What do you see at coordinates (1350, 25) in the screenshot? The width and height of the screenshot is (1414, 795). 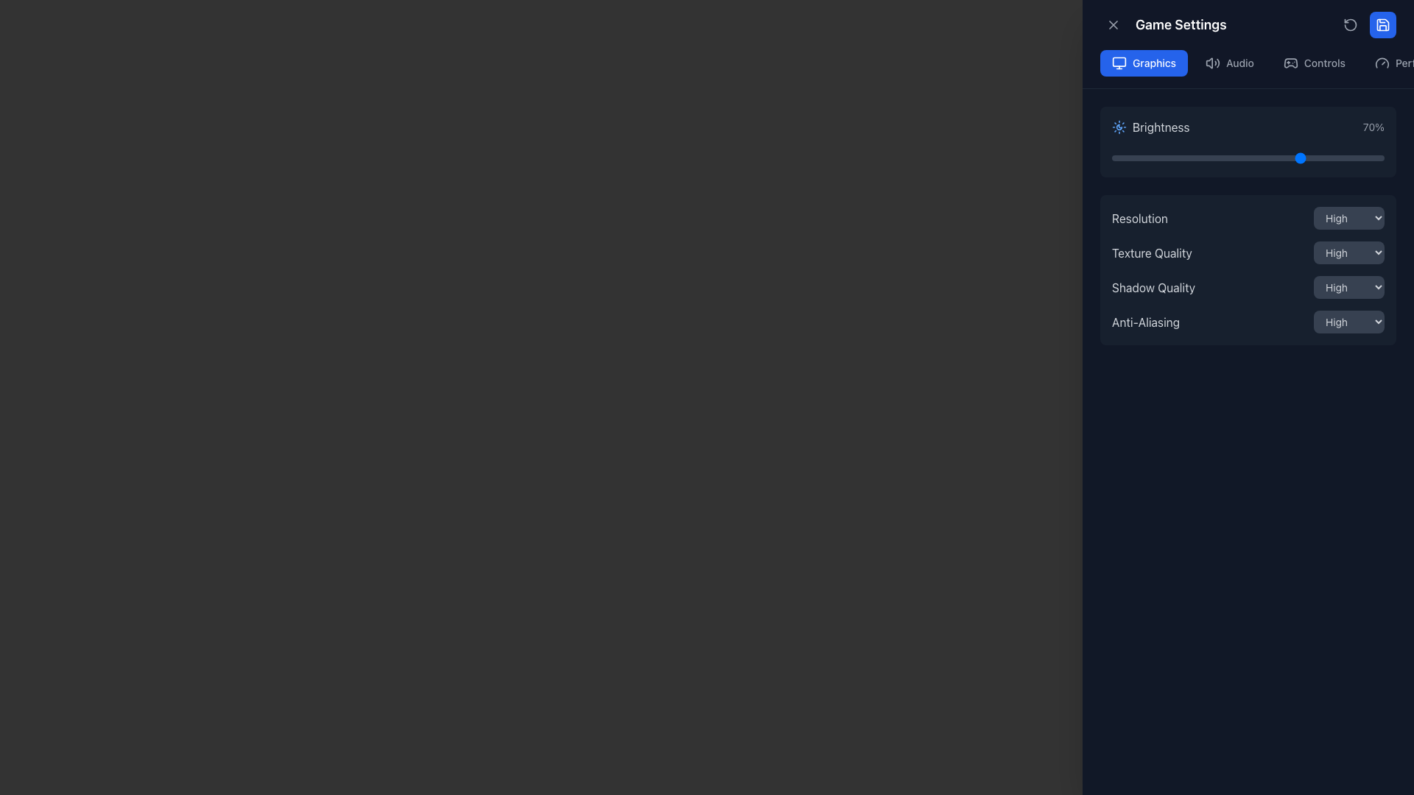 I see `the circular reset button with a counterclockwise arrow` at bounding box center [1350, 25].